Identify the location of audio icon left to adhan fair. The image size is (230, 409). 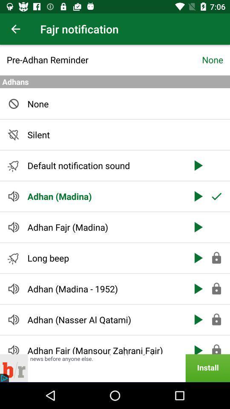
(13, 349).